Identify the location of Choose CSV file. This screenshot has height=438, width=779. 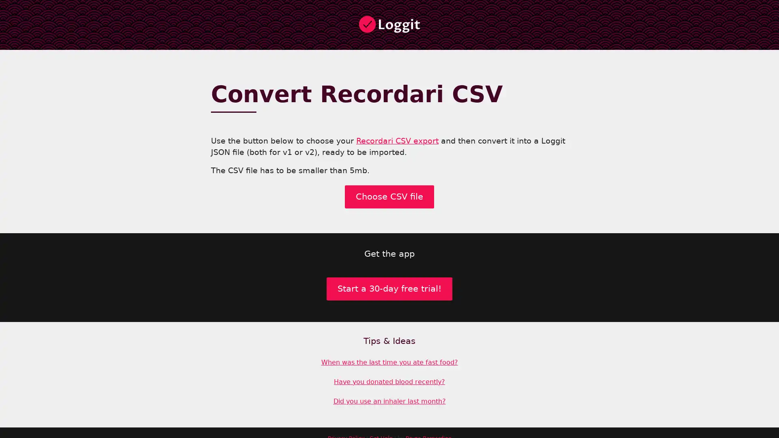
(389, 201).